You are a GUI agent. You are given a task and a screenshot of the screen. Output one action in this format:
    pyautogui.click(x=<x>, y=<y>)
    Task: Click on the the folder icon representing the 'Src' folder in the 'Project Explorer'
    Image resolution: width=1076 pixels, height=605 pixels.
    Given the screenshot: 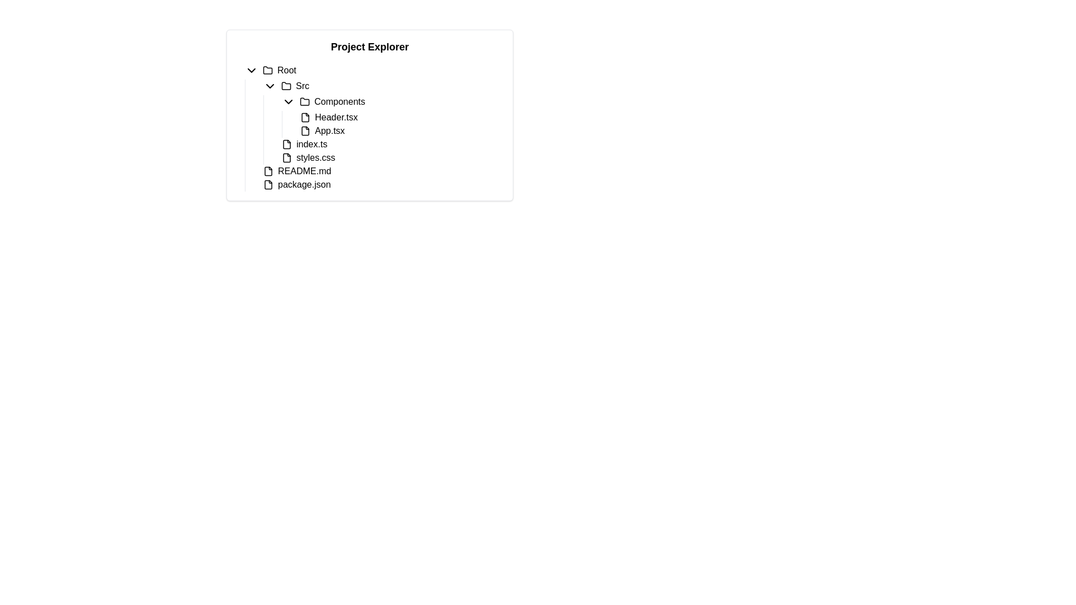 What is the action you would take?
    pyautogui.click(x=286, y=85)
    